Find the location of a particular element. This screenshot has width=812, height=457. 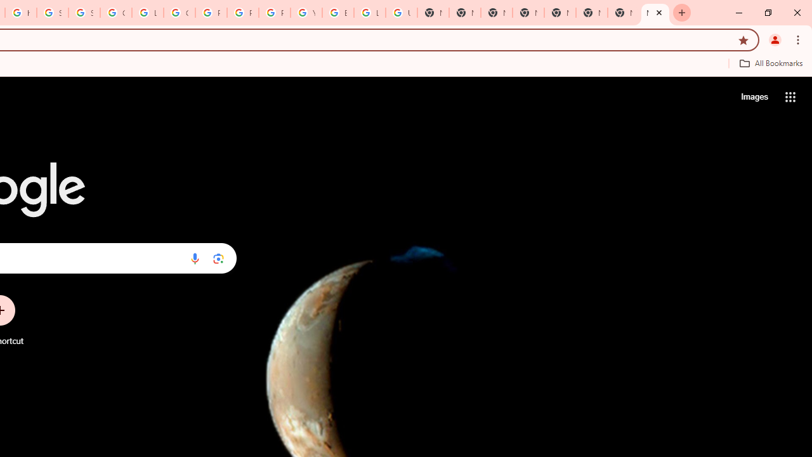

'Search by voice' is located at coordinates (194, 258).